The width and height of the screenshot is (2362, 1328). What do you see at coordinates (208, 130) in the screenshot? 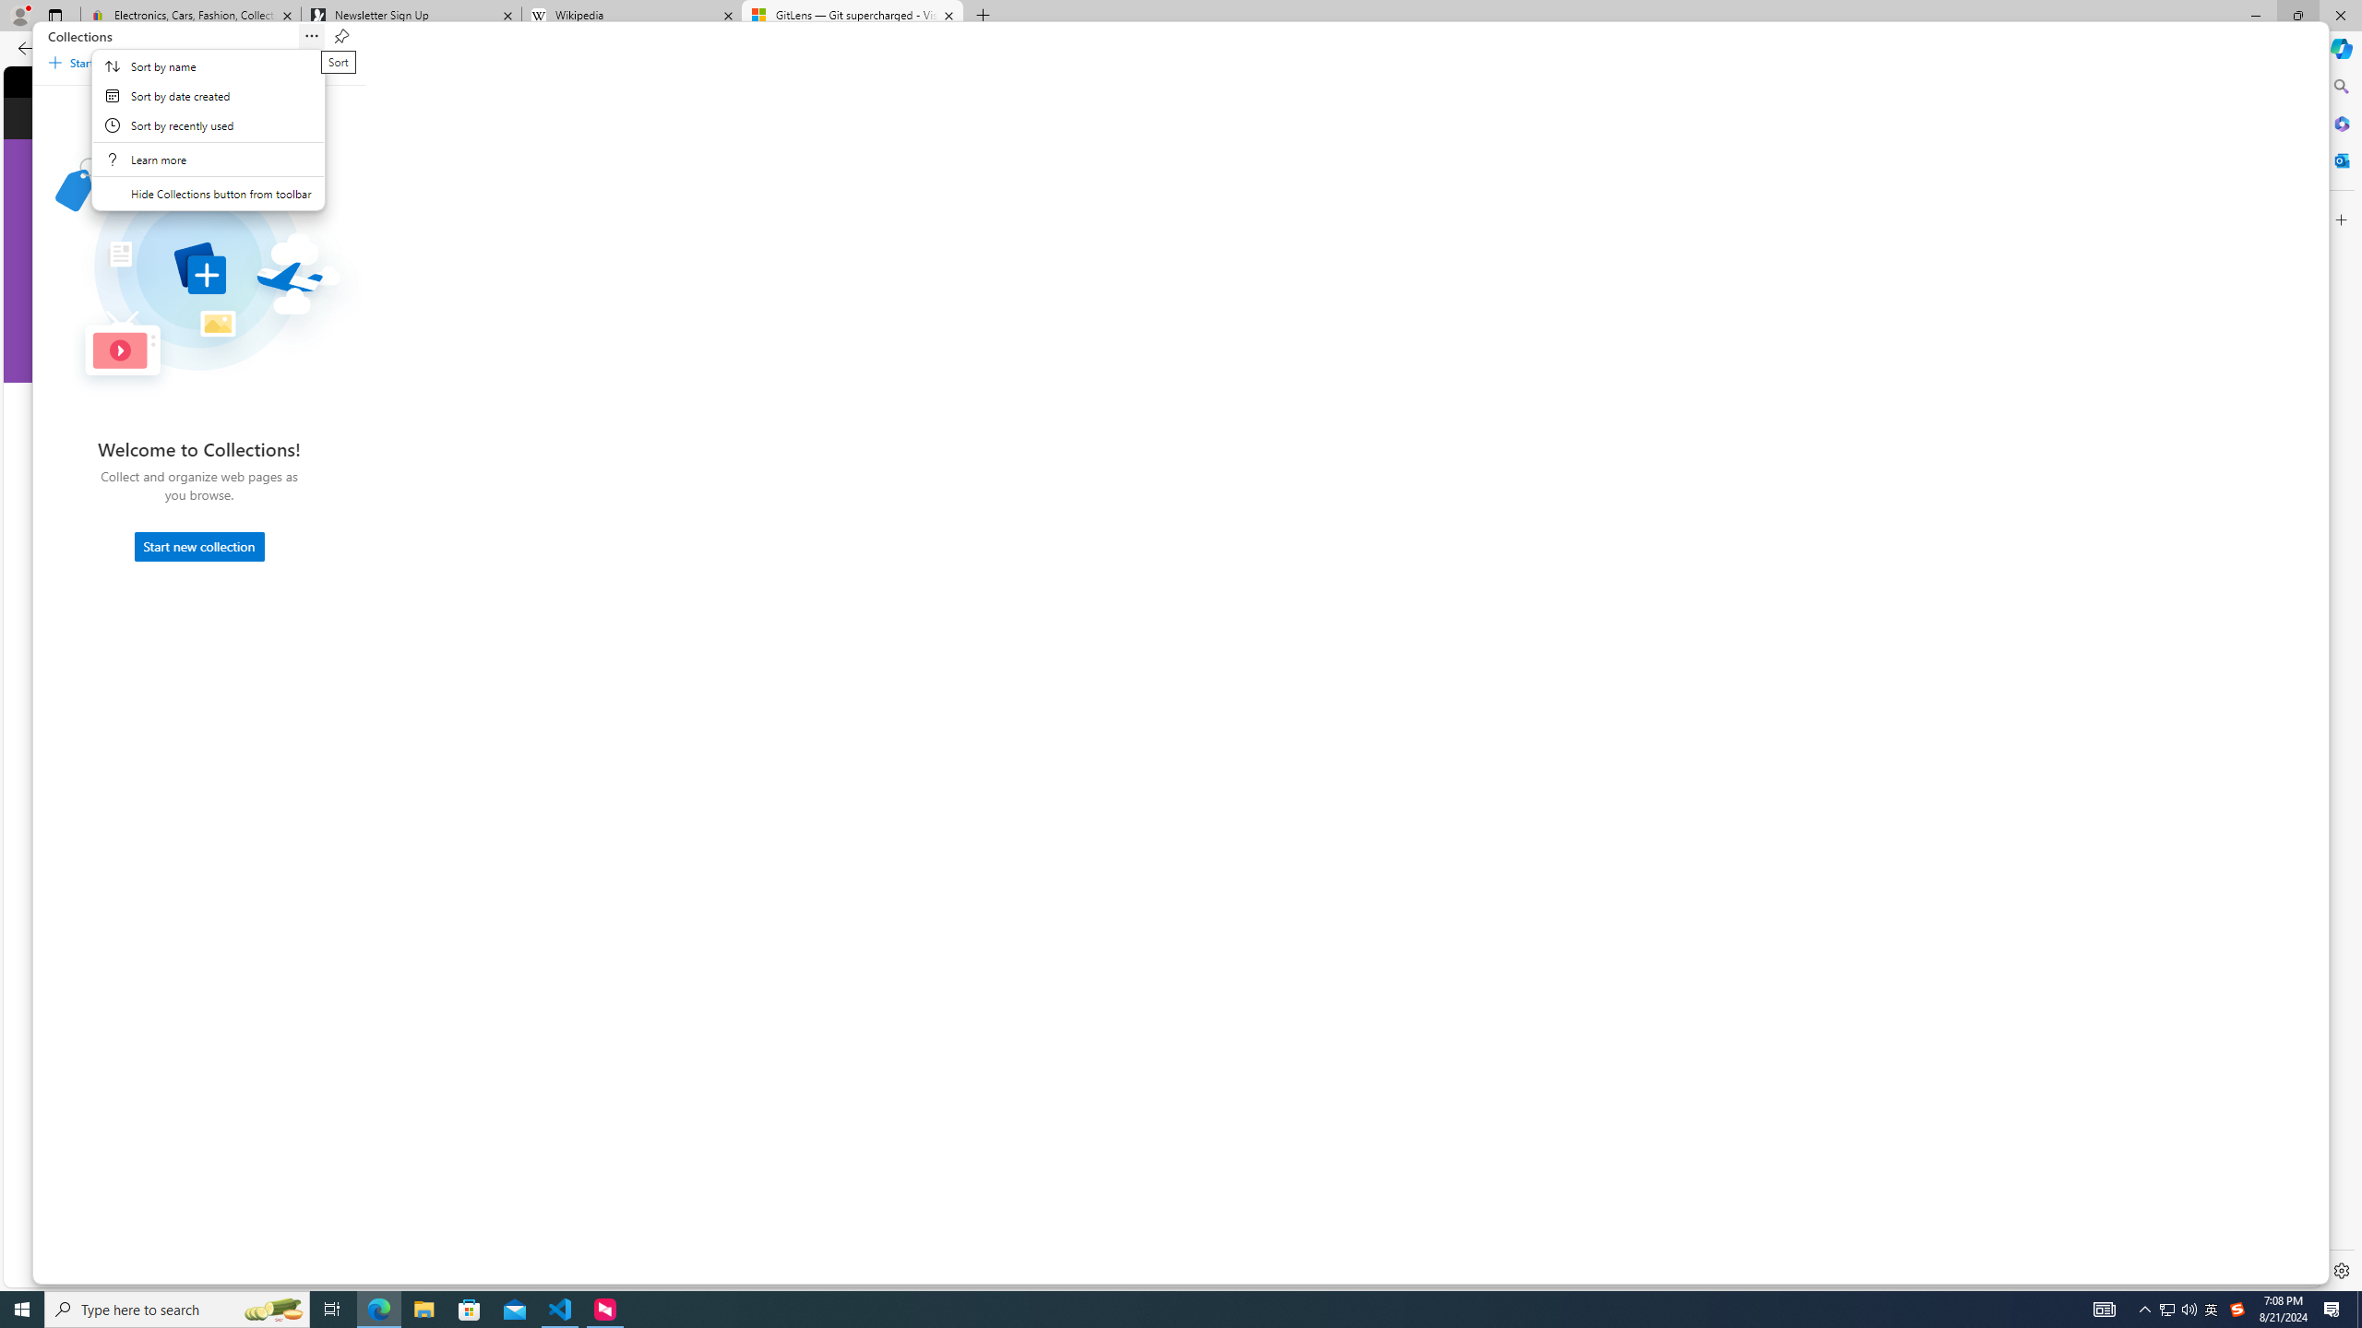
I see `'Context'` at bounding box center [208, 130].